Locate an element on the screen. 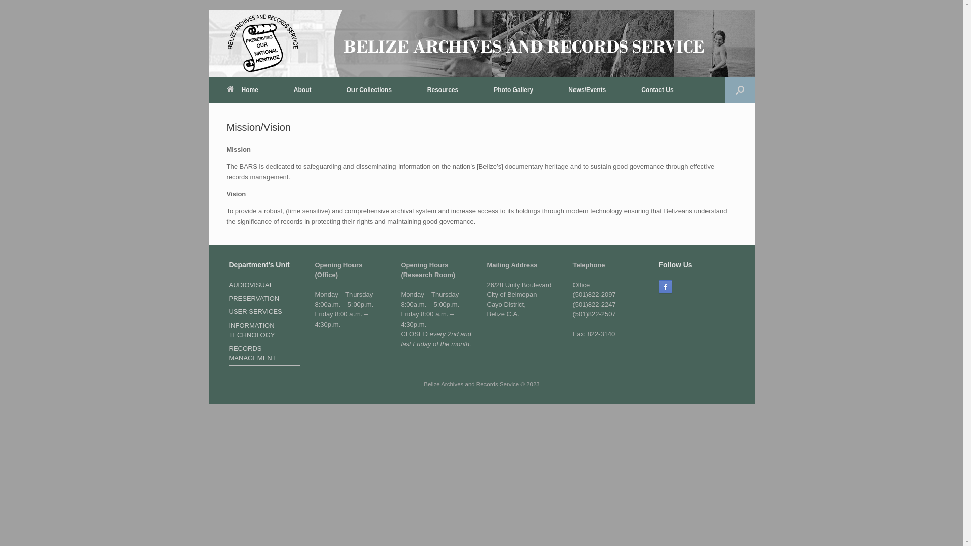 The image size is (971, 546). 'USER SERVICES' is located at coordinates (264, 312).